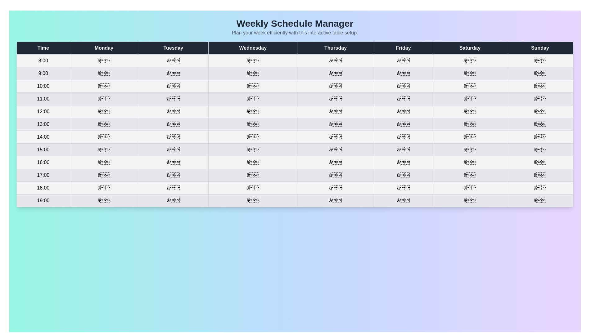 Image resolution: width=596 pixels, height=335 pixels. What do you see at coordinates (43, 47) in the screenshot?
I see `the header of the column labeled Time to sort it` at bounding box center [43, 47].